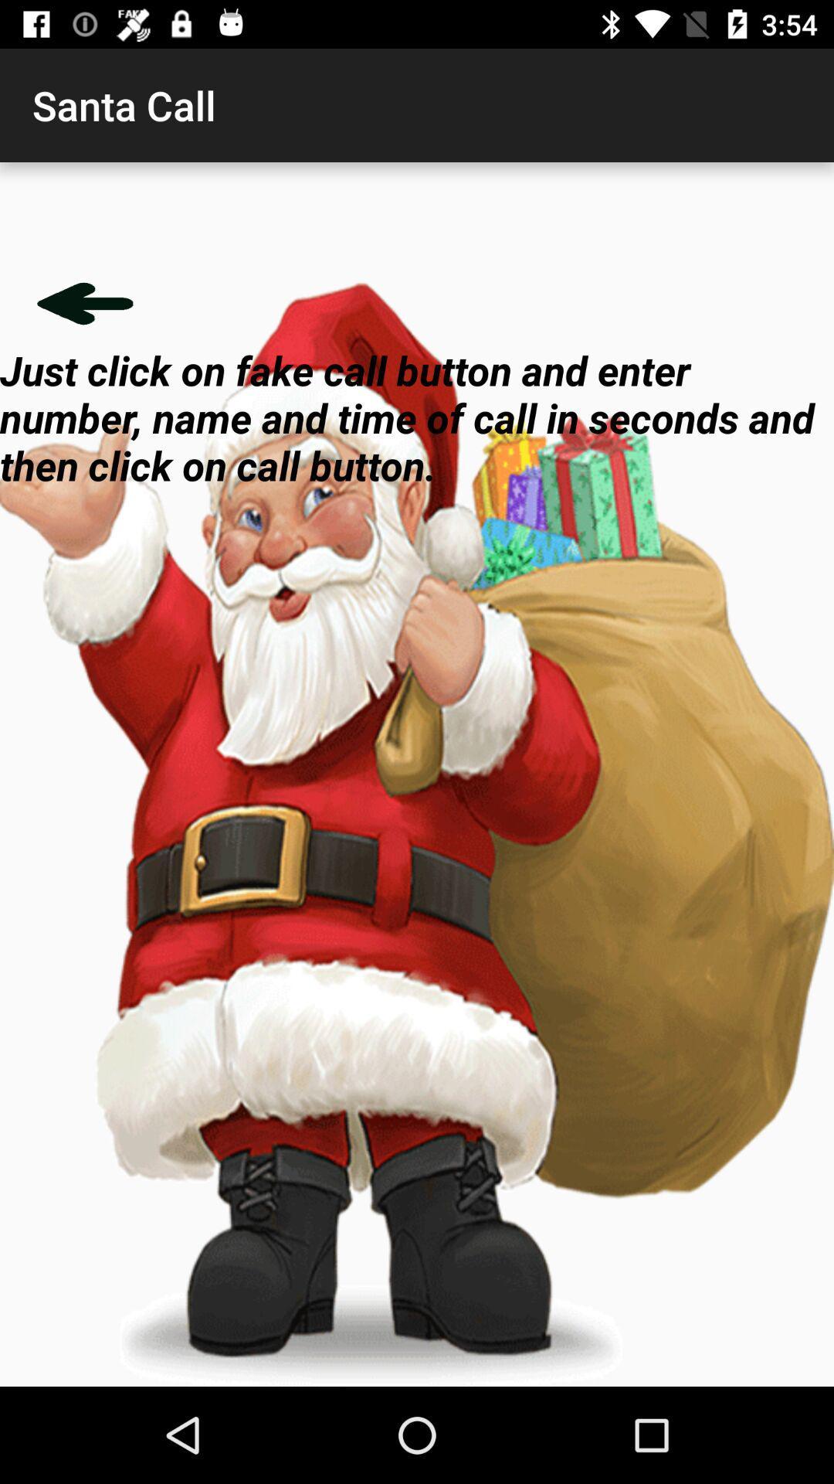  What do you see at coordinates (85, 303) in the screenshot?
I see `icon below santa call` at bounding box center [85, 303].